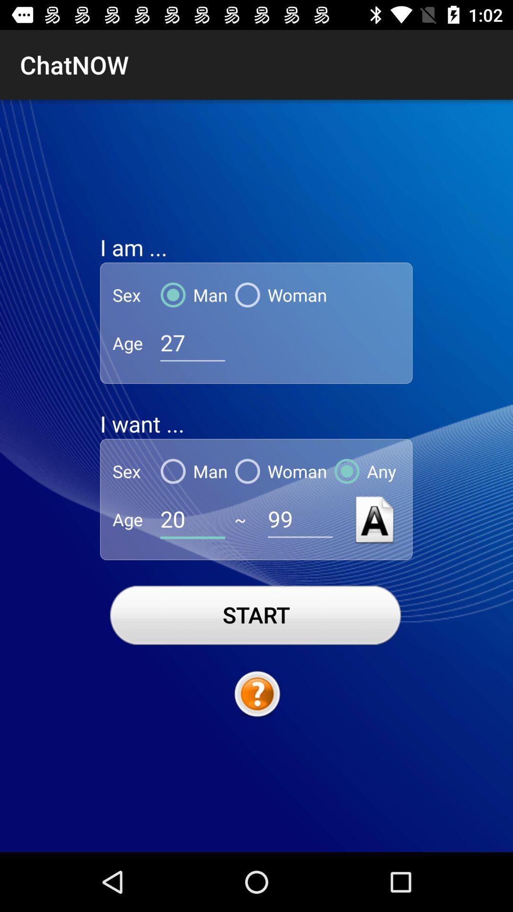  What do you see at coordinates (256, 694) in the screenshot?
I see `hints` at bounding box center [256, 694].